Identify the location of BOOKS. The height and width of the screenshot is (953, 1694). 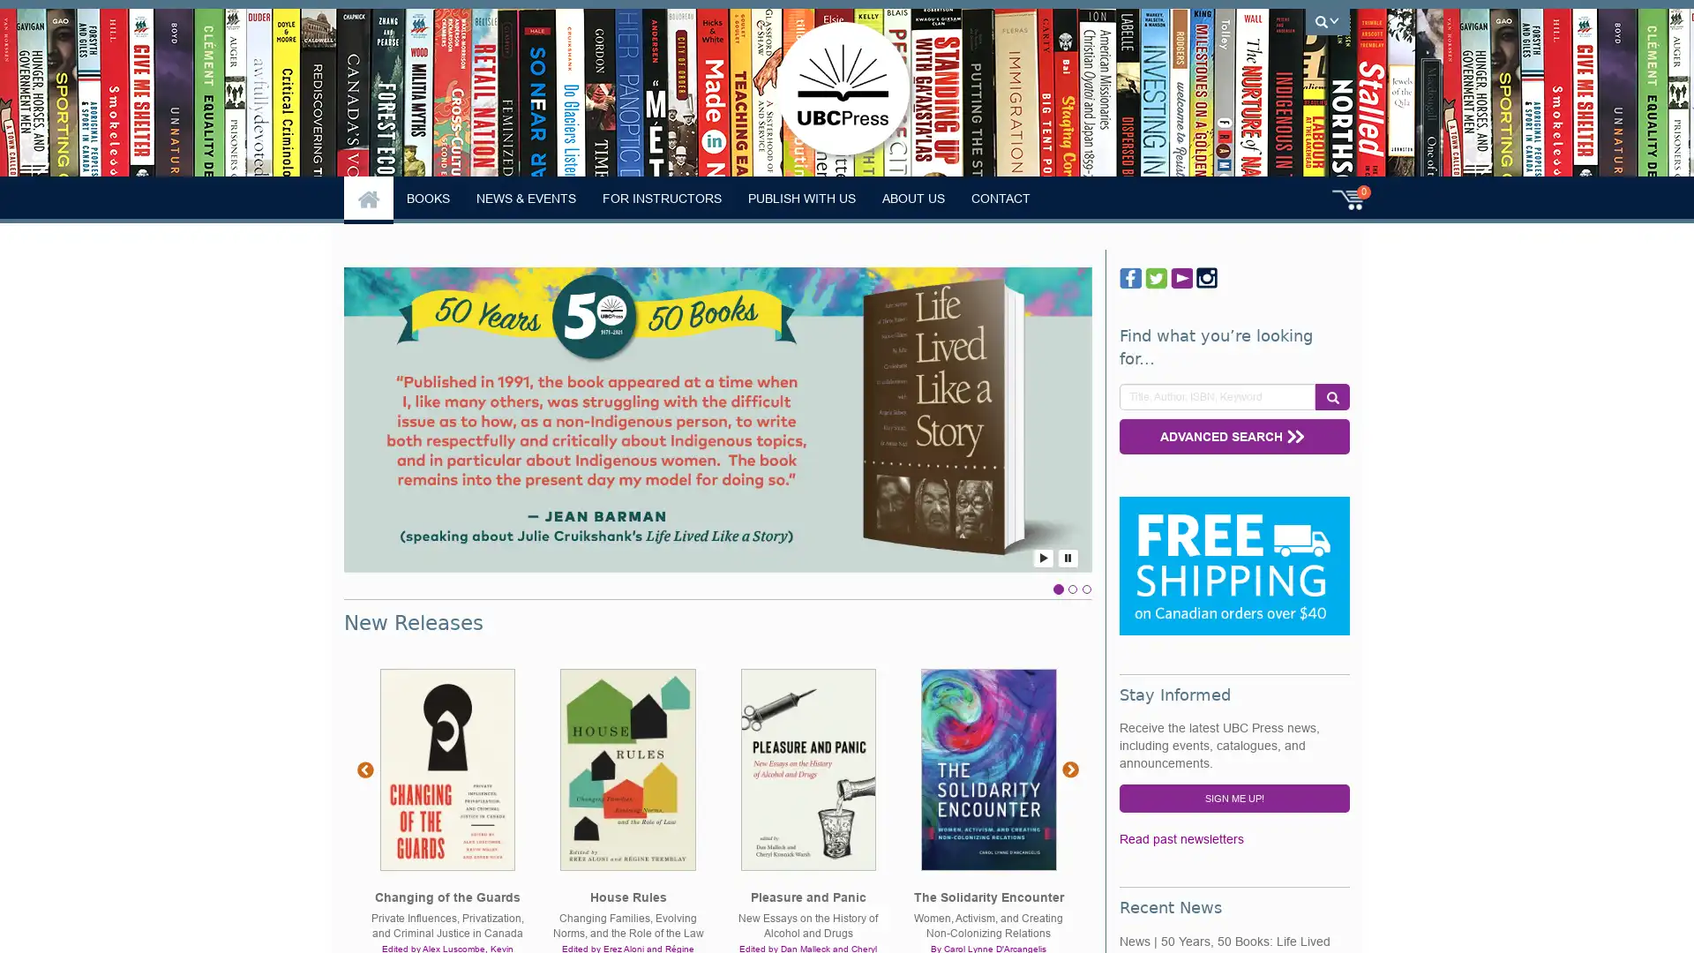
(428, 198).